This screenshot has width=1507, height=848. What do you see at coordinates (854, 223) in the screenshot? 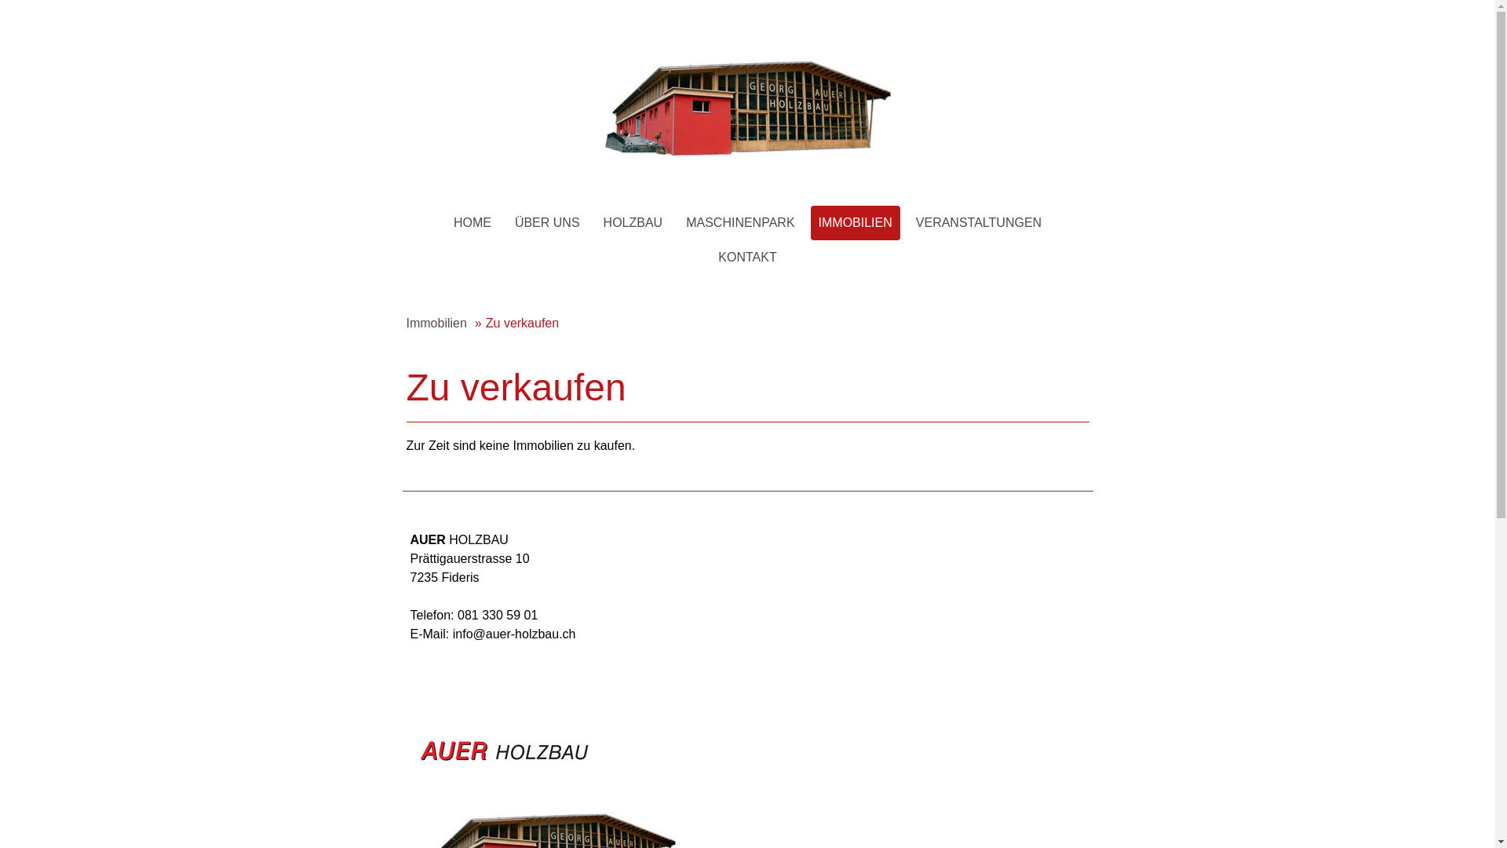
I see `'IMMOBILIEN'` at bounding box center [854, 223].